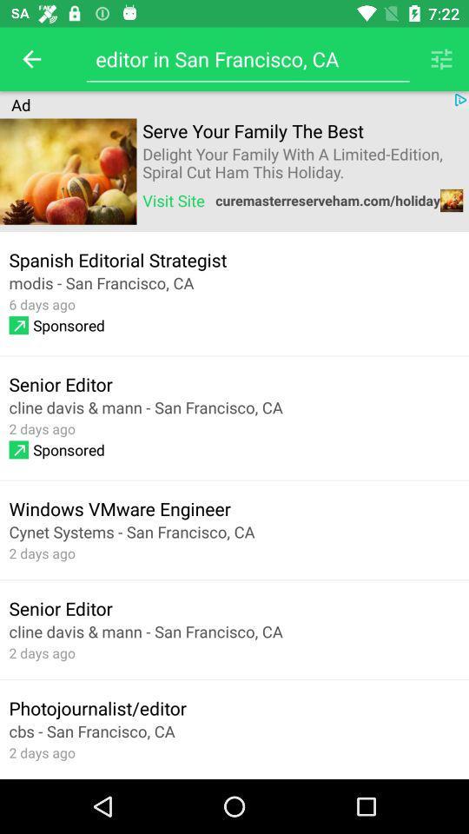 The width and height of the screenshot is (469, 834). Describe the element at coordinates (174, 200) in the screenshot. I see `the item to the left of the curemasterreserveham.com/holiday item` at that location.